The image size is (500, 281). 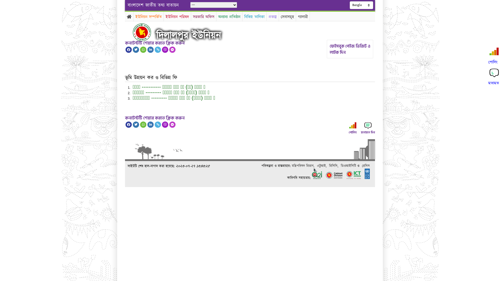 I want to click on ', so click(x=133, y=32).